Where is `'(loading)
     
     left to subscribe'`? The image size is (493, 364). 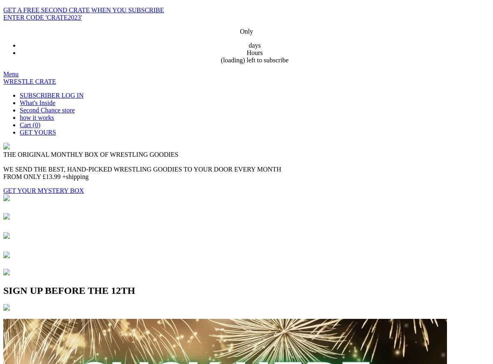 '(loading)
     
     left to subscribe' is located at coordinates (254, 60).